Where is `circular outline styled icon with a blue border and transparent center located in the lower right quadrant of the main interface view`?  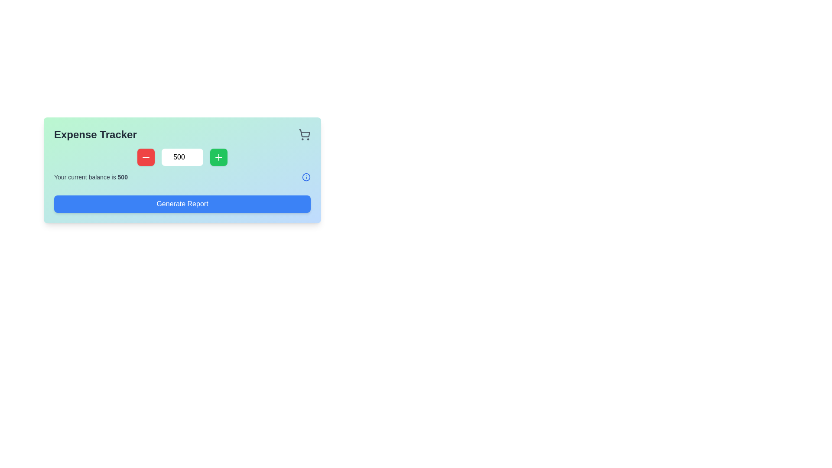
circular outline styled icon with a blue border and transparent center located in the lower right quadrant of the main interface view is located at coordinates (306, 176).